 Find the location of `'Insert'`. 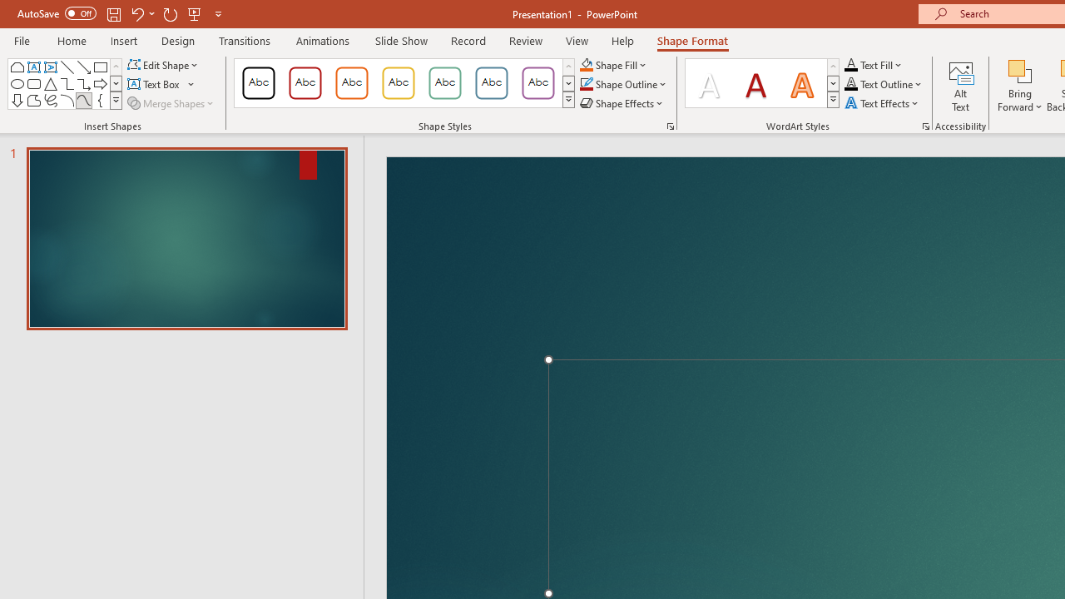

'Insert' is located at coordinates (123, 40).